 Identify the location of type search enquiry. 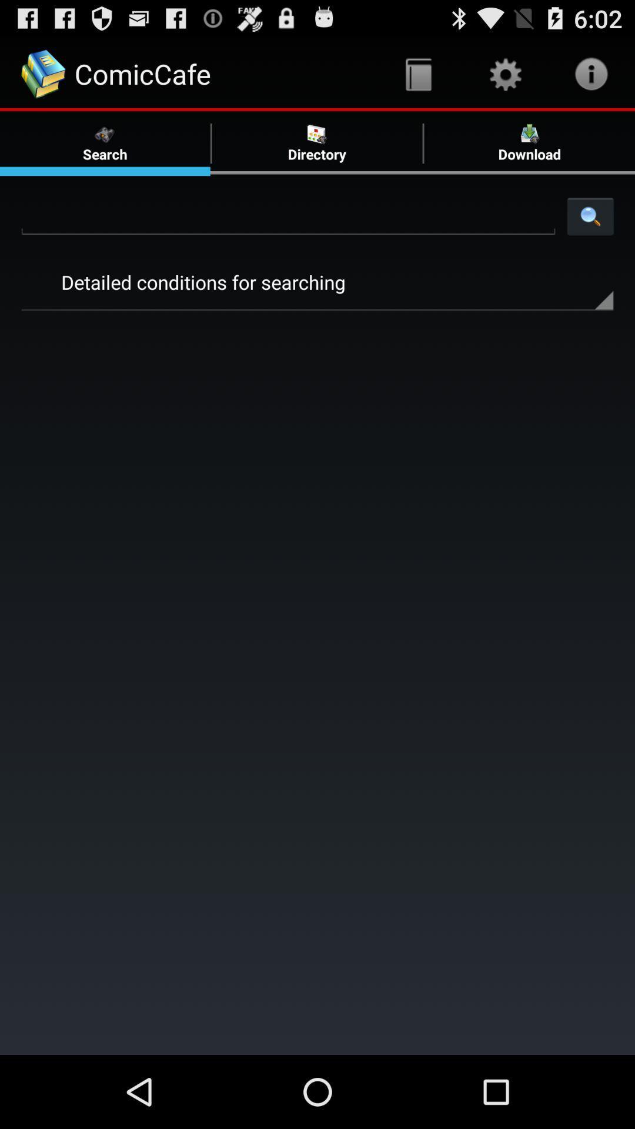
(288, 216).